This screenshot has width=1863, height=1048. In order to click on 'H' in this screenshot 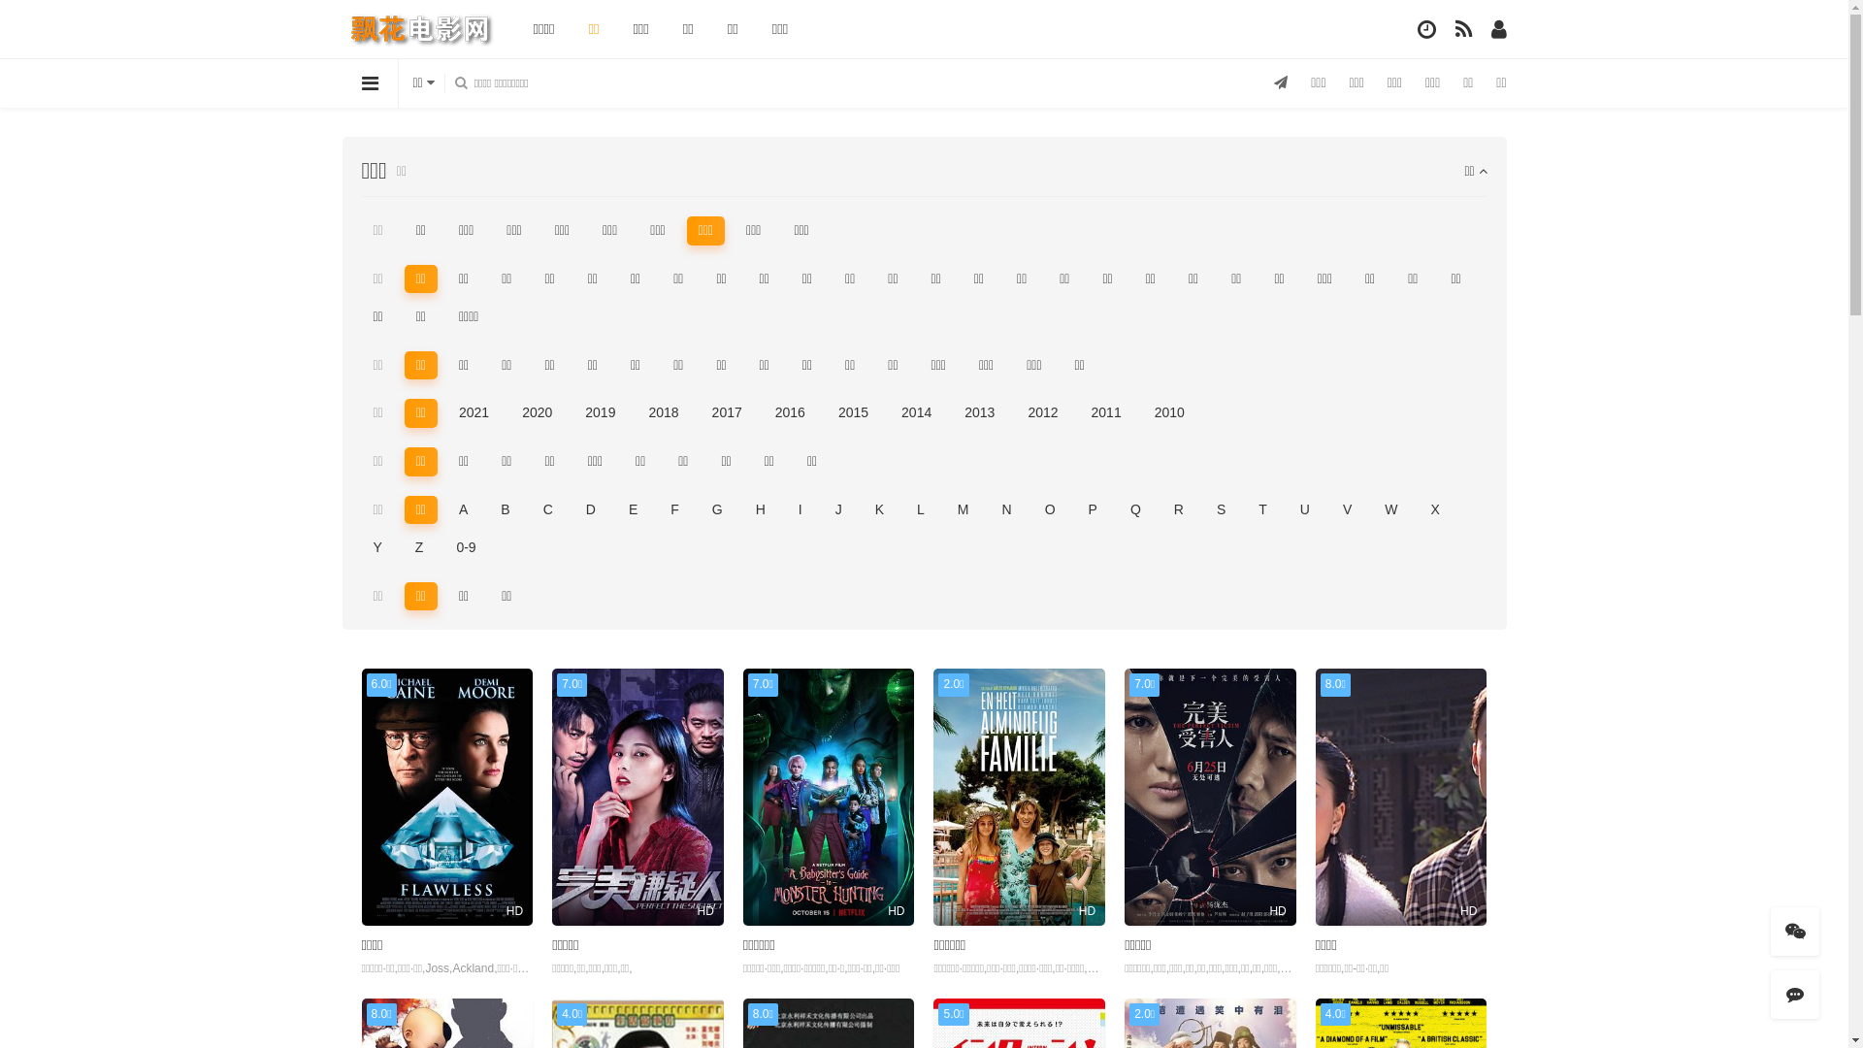, I will do `click(759, 508)`.